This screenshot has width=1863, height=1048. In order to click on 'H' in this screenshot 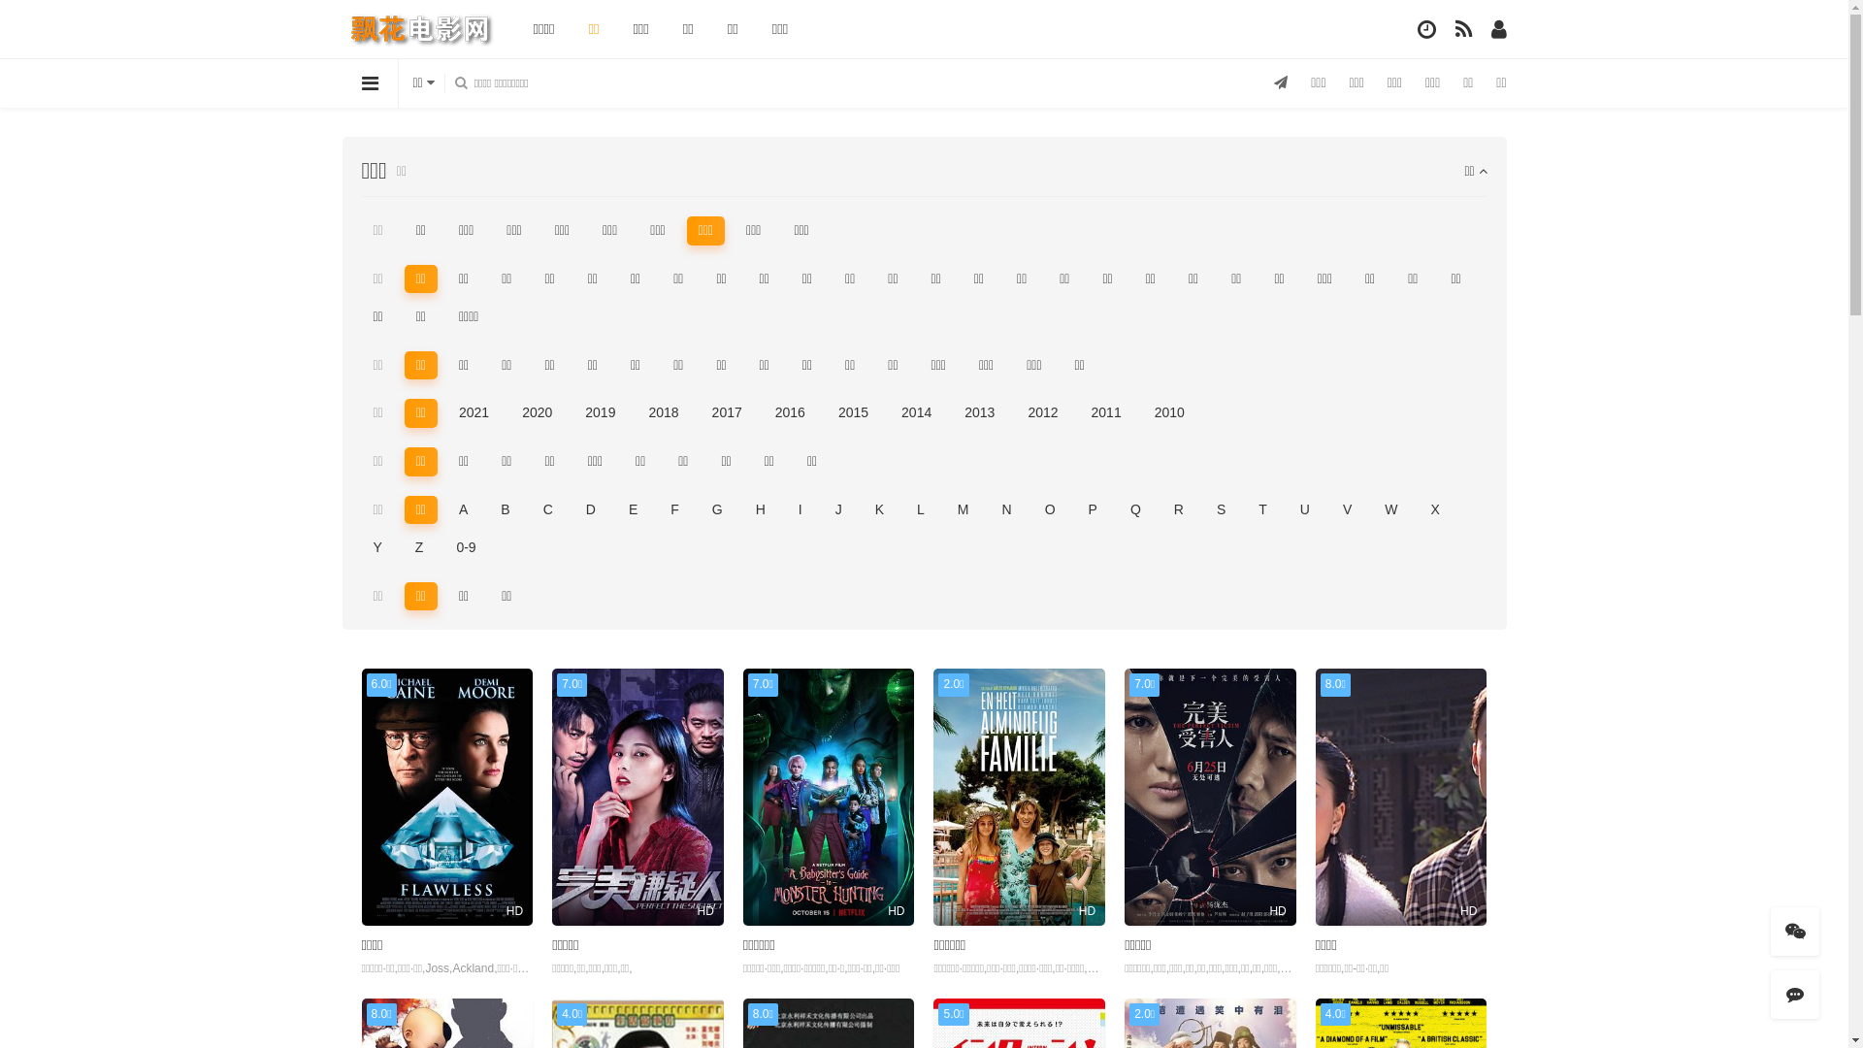, I will do `click(759, 508)`.